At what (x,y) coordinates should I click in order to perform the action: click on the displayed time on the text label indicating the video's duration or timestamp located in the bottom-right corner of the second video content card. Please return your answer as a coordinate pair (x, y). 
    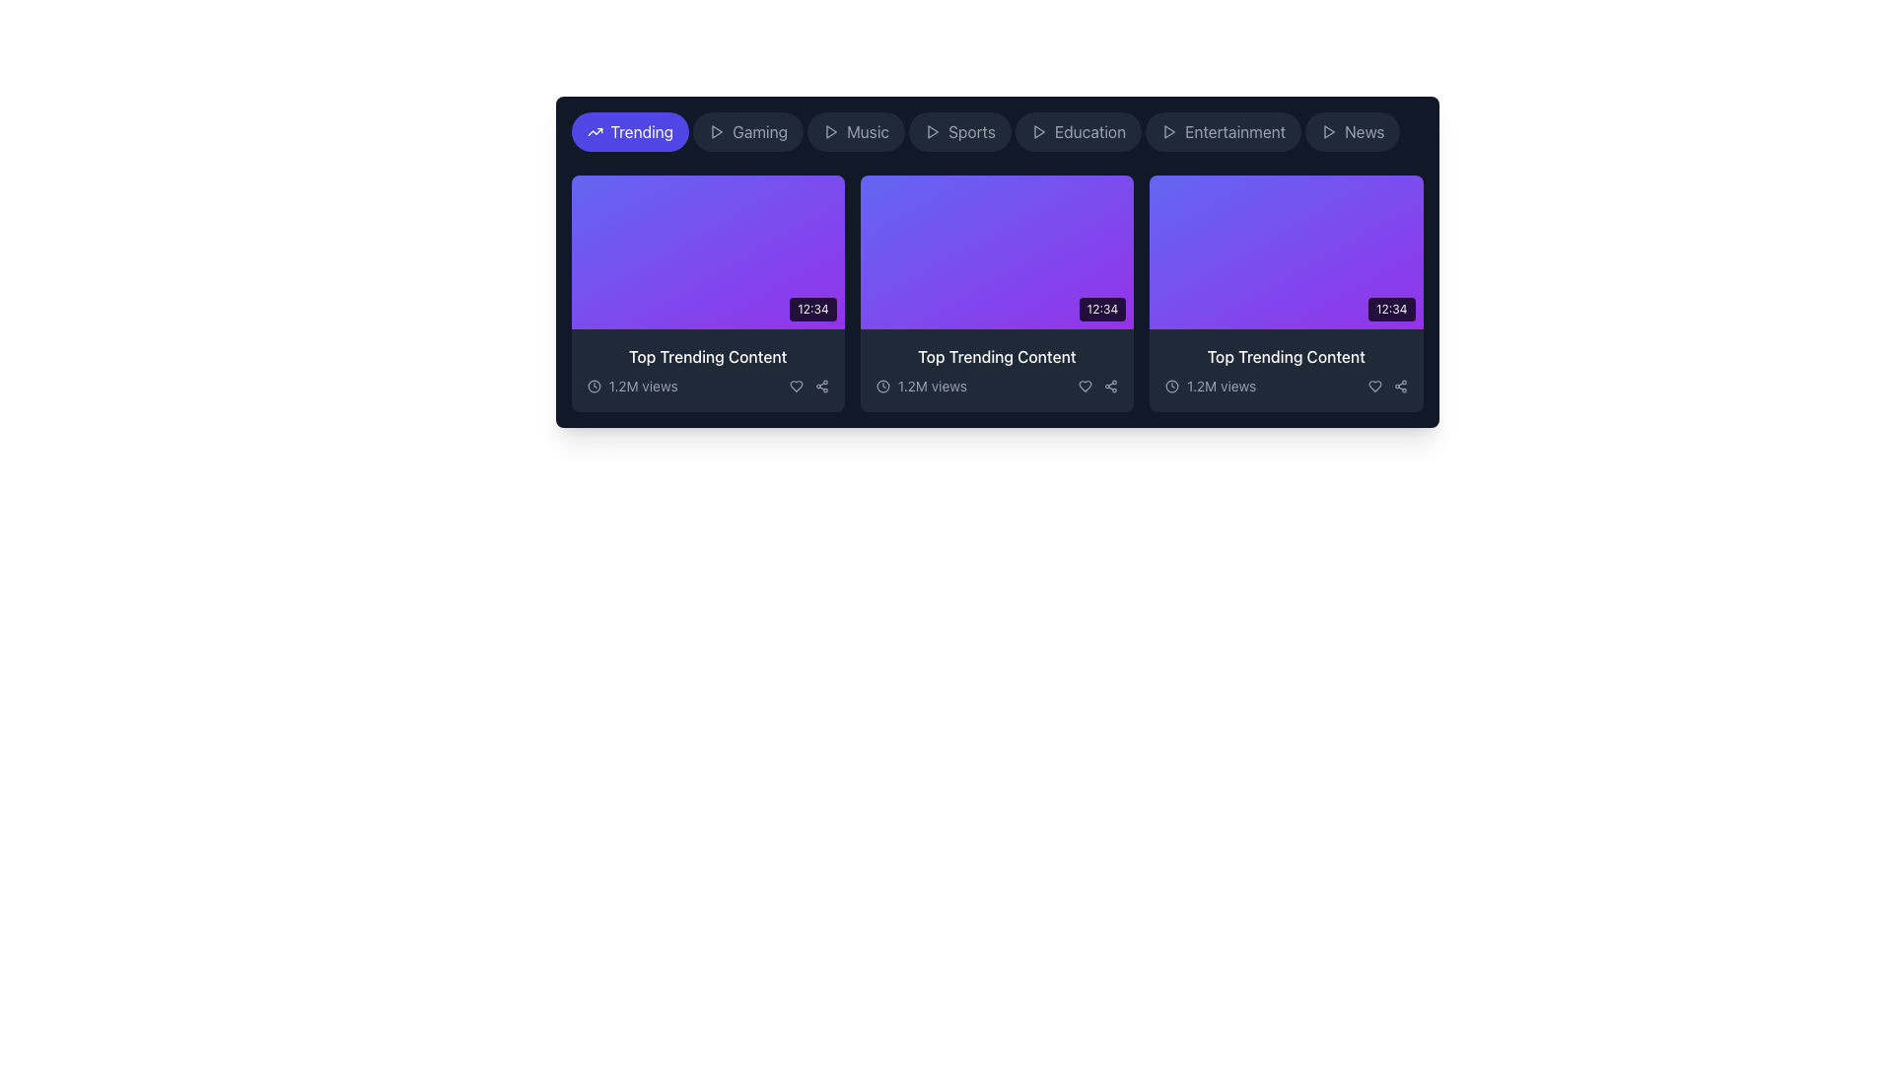
    Looking at the image, I should click on (1101, 309).